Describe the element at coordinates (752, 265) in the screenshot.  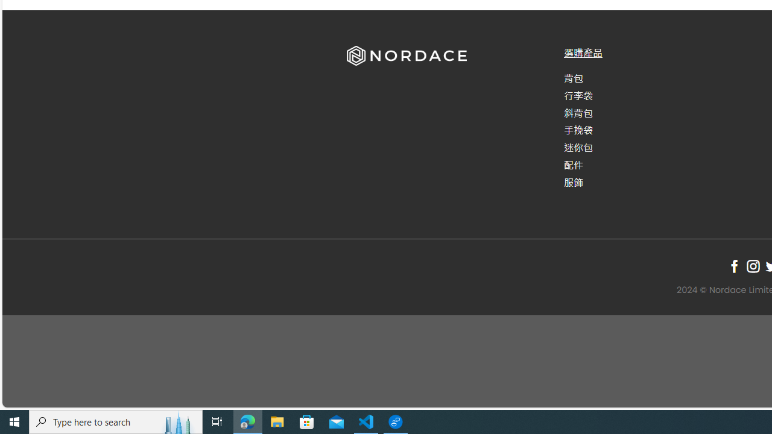
I see `'Follow on Instagram'` at that location.